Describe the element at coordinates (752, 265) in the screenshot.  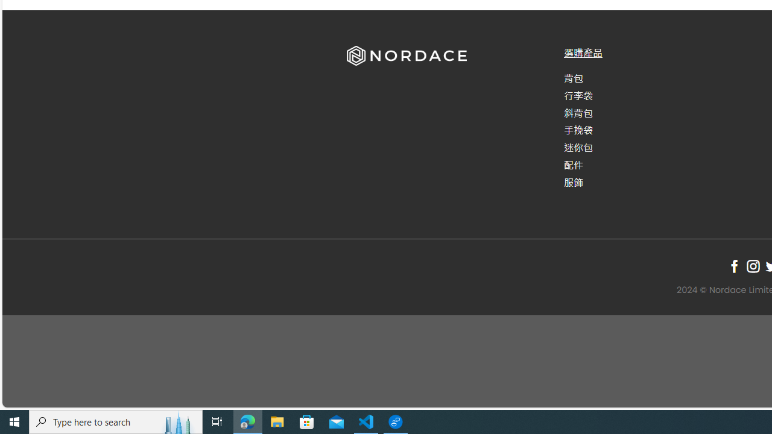
I see `'Follow on Instagram'` at that location.